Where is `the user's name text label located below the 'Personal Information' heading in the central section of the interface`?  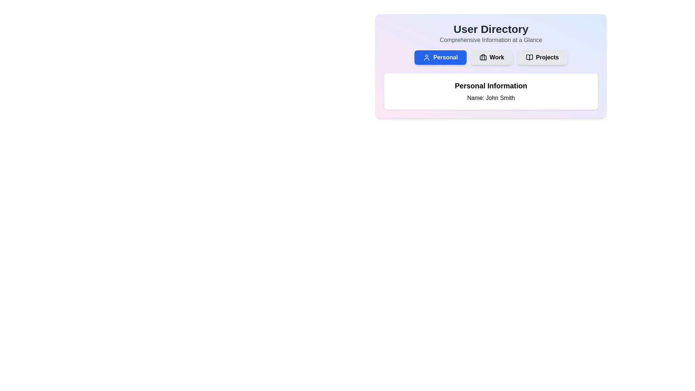
the user's name text label located below the 'Personal Information' heading in the central section of the interface is located at coordinates (491, 98).